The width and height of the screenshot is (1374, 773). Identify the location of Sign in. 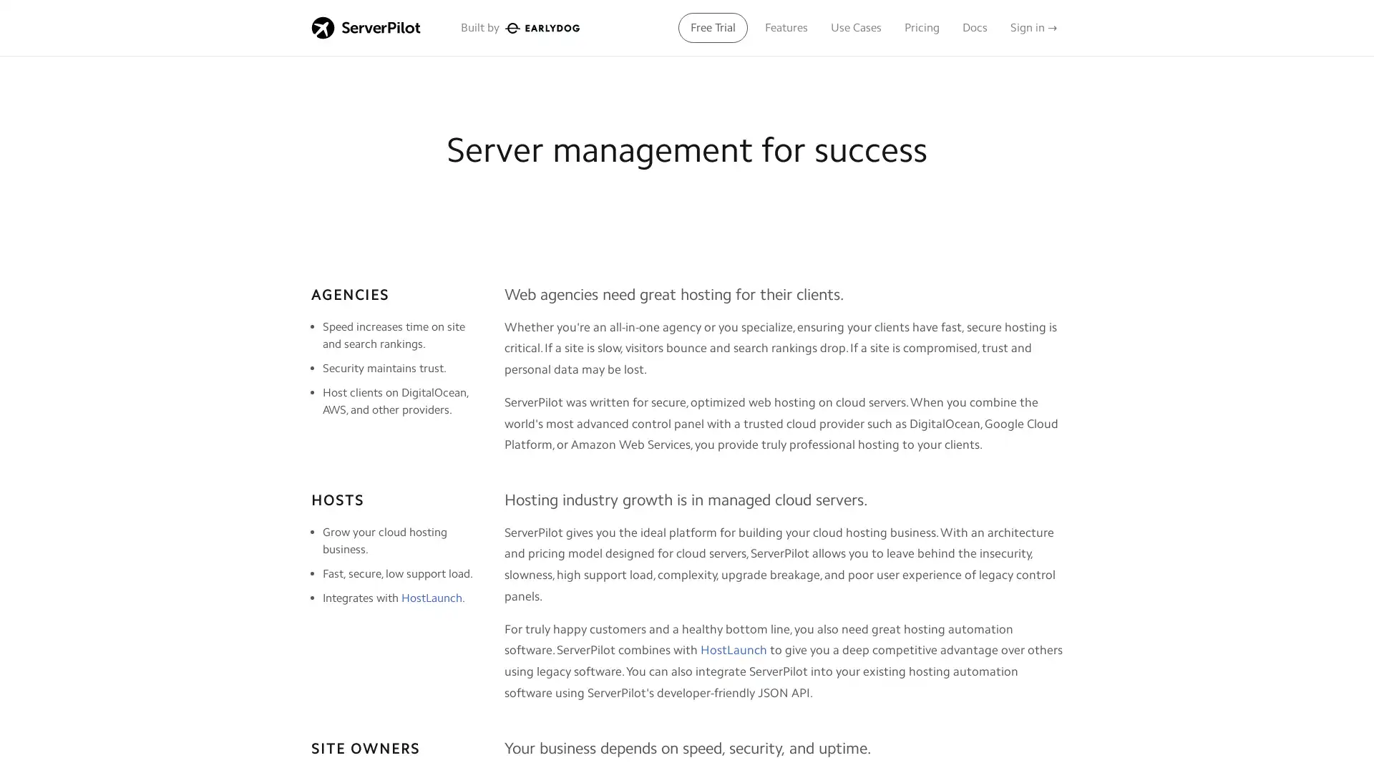
(1033, 27).